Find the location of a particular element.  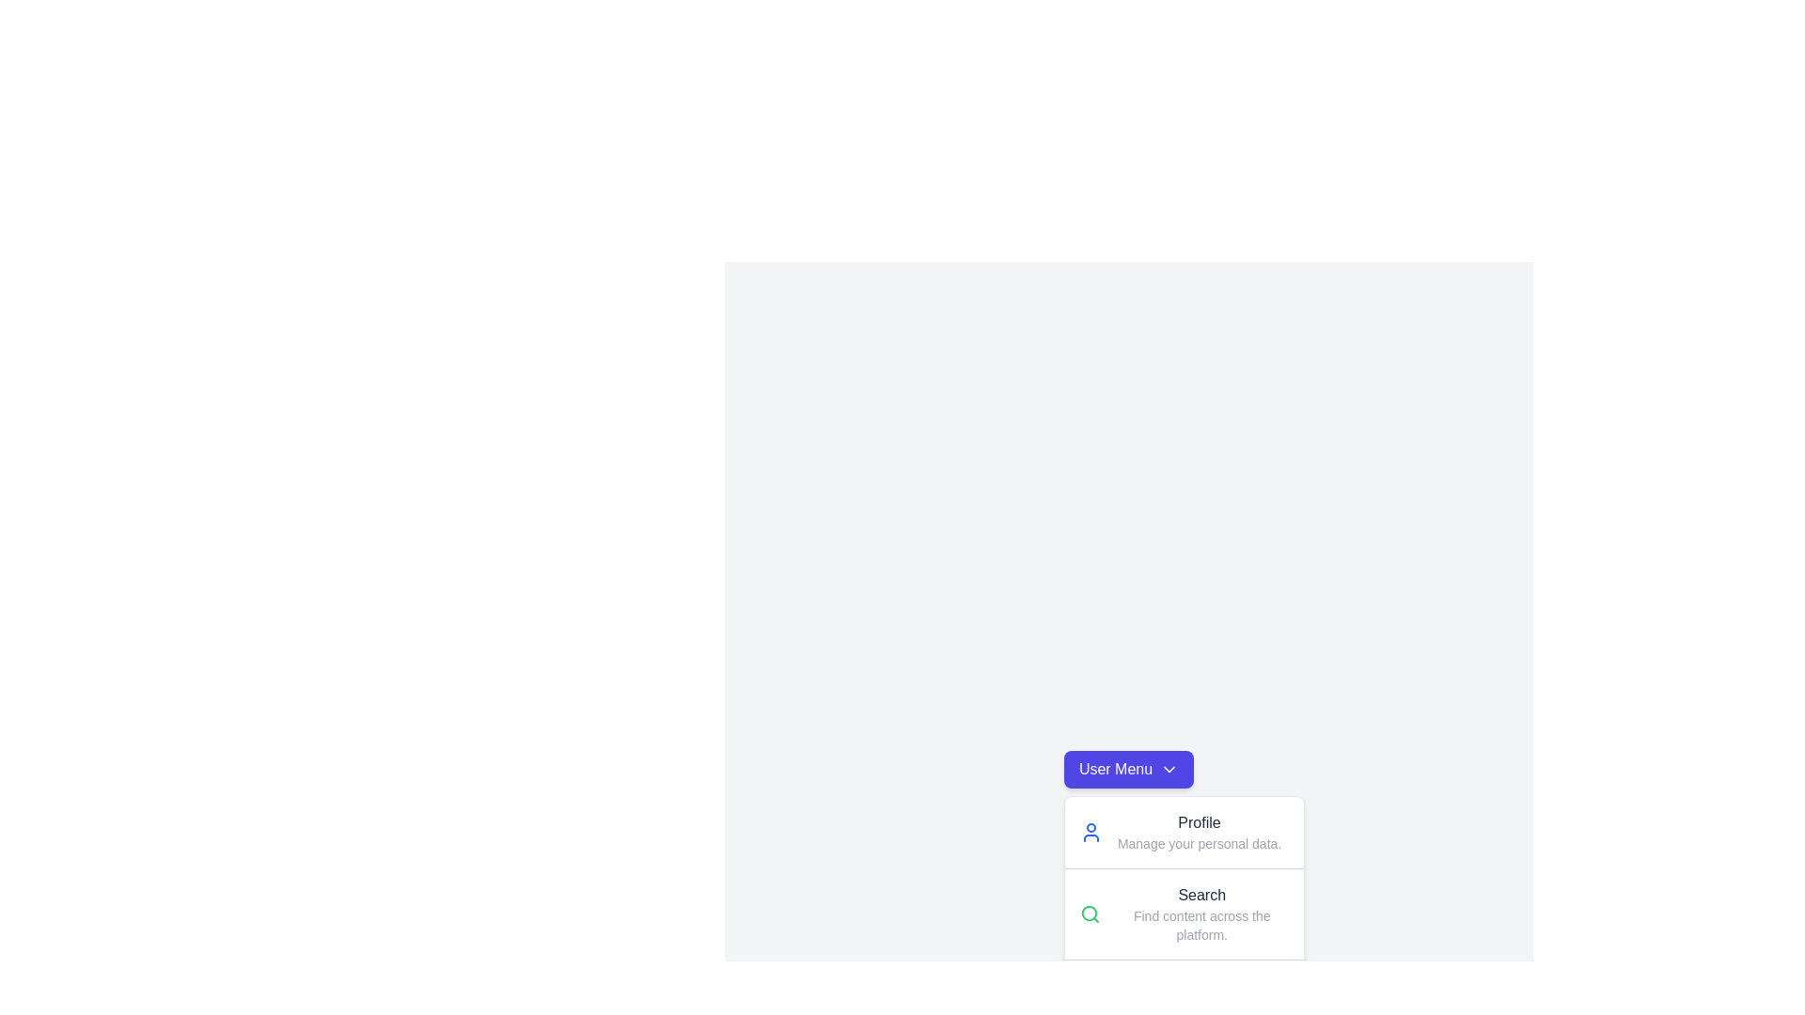

the 'Profile' text label that indicates the section for user profile management is located at coordinates (1199, 821).